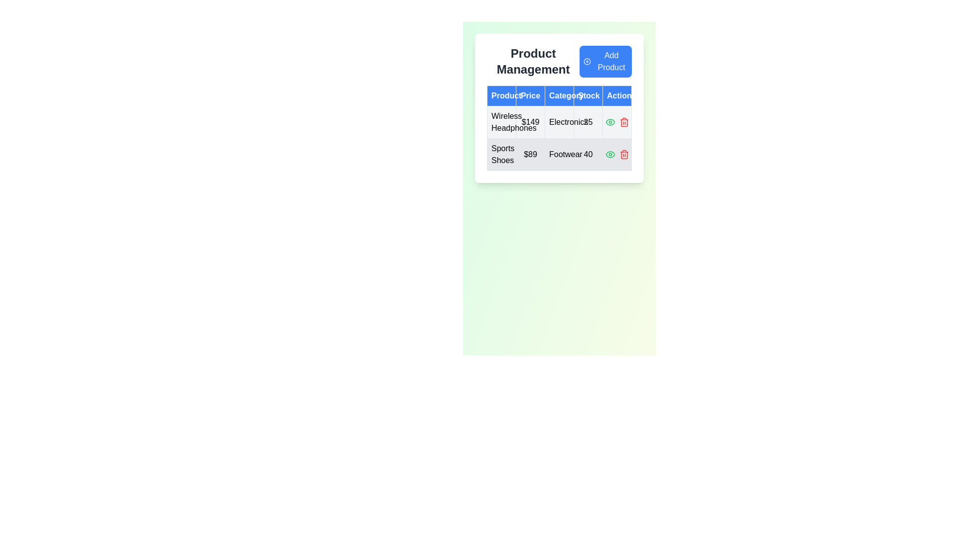 Image resolution: width=956 pixels, height=537 pixels. What do you see at coordinates (588, 122) in the screenshot?
I see `the stock quantity text for the product 'Wireless Headphones' in the 'Product Management' table located in the fourth slot under the 'Stock' column` at bounding box center [588, 122].